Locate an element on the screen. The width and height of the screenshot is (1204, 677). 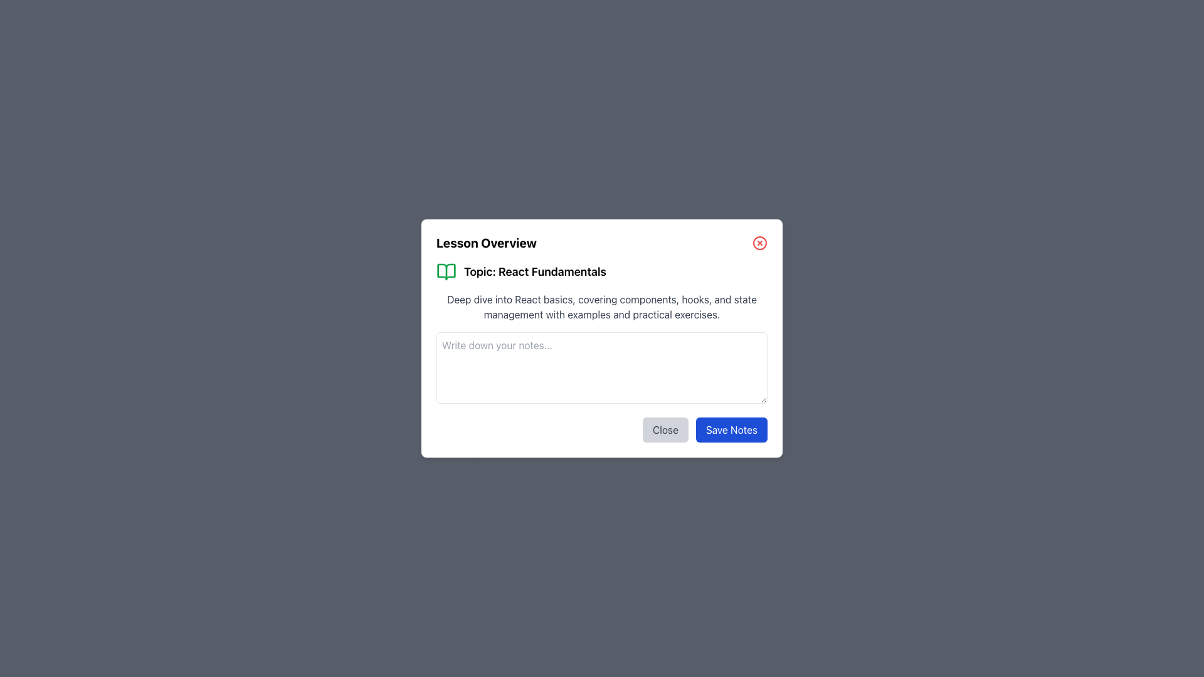
the 'Save Notes' button, which is a rectangular button with rounded corners, blue background, and white text, located at the bottom-right part of the dialog box is located at coordinates (731, 429).